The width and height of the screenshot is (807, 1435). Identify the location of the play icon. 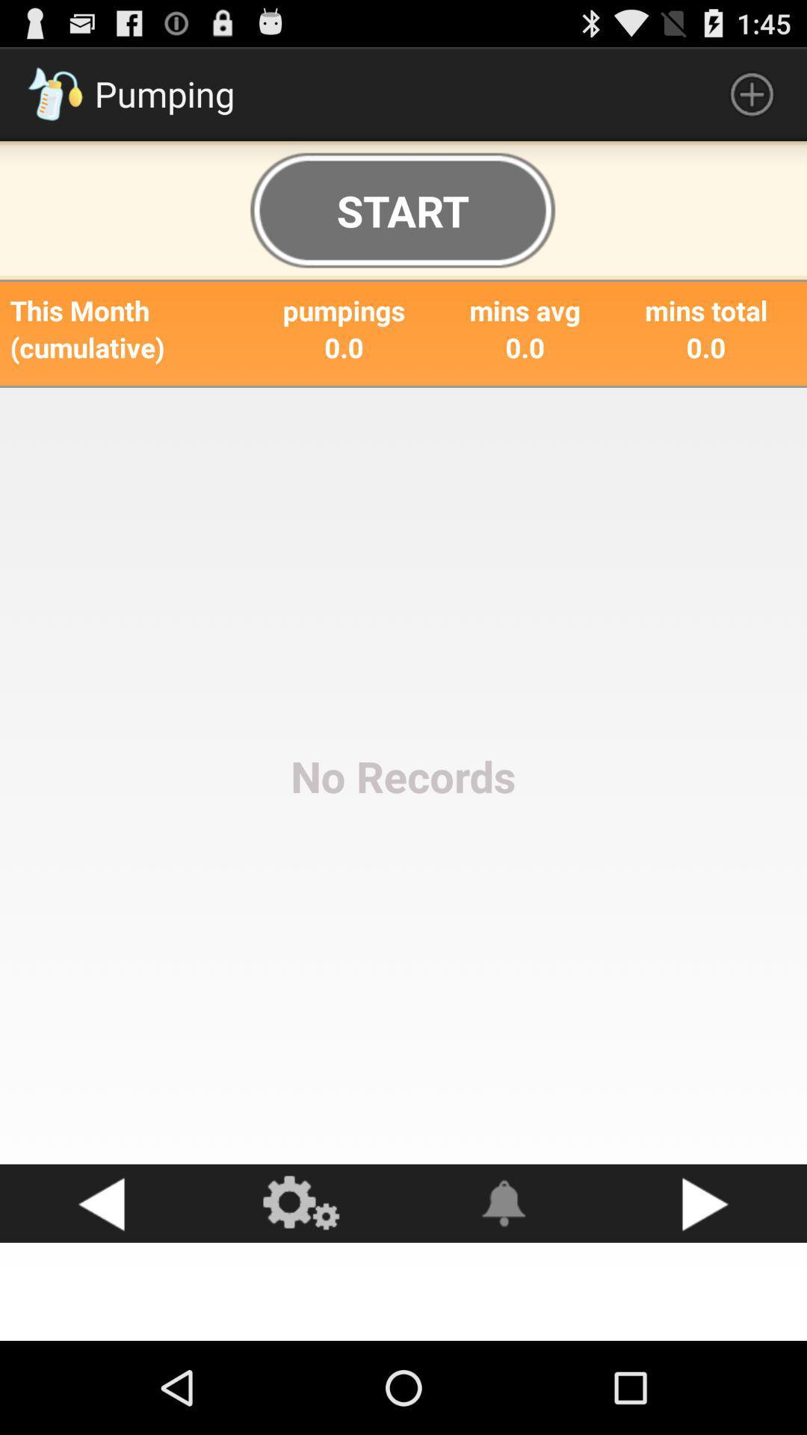
(706, 1287).